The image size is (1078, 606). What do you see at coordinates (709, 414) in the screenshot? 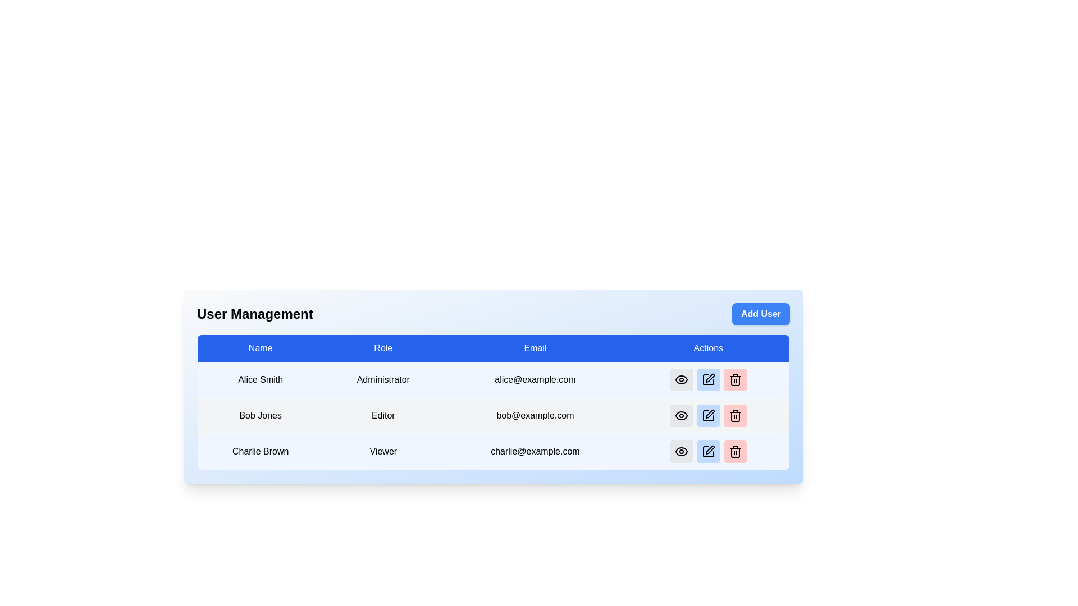
I see `the 'Edit' icon in the 'Actions' column for the user 'Bob Jones' to initiate an edit action` at bounding box center [709, 414].